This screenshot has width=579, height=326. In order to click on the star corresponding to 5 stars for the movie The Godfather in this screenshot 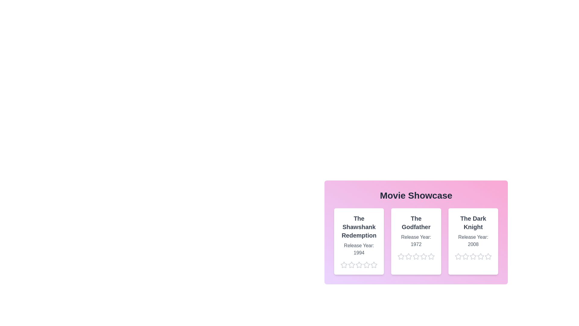, I will do `click(427, 256)`.